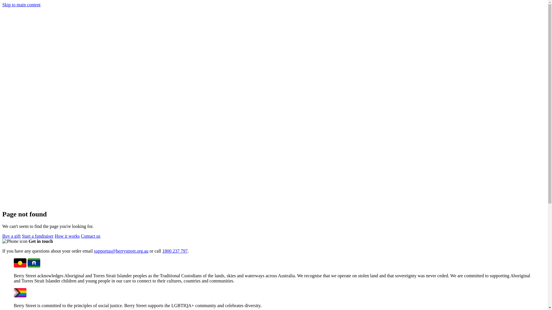  I want to click on '1800 237 797', so click(175, 251).